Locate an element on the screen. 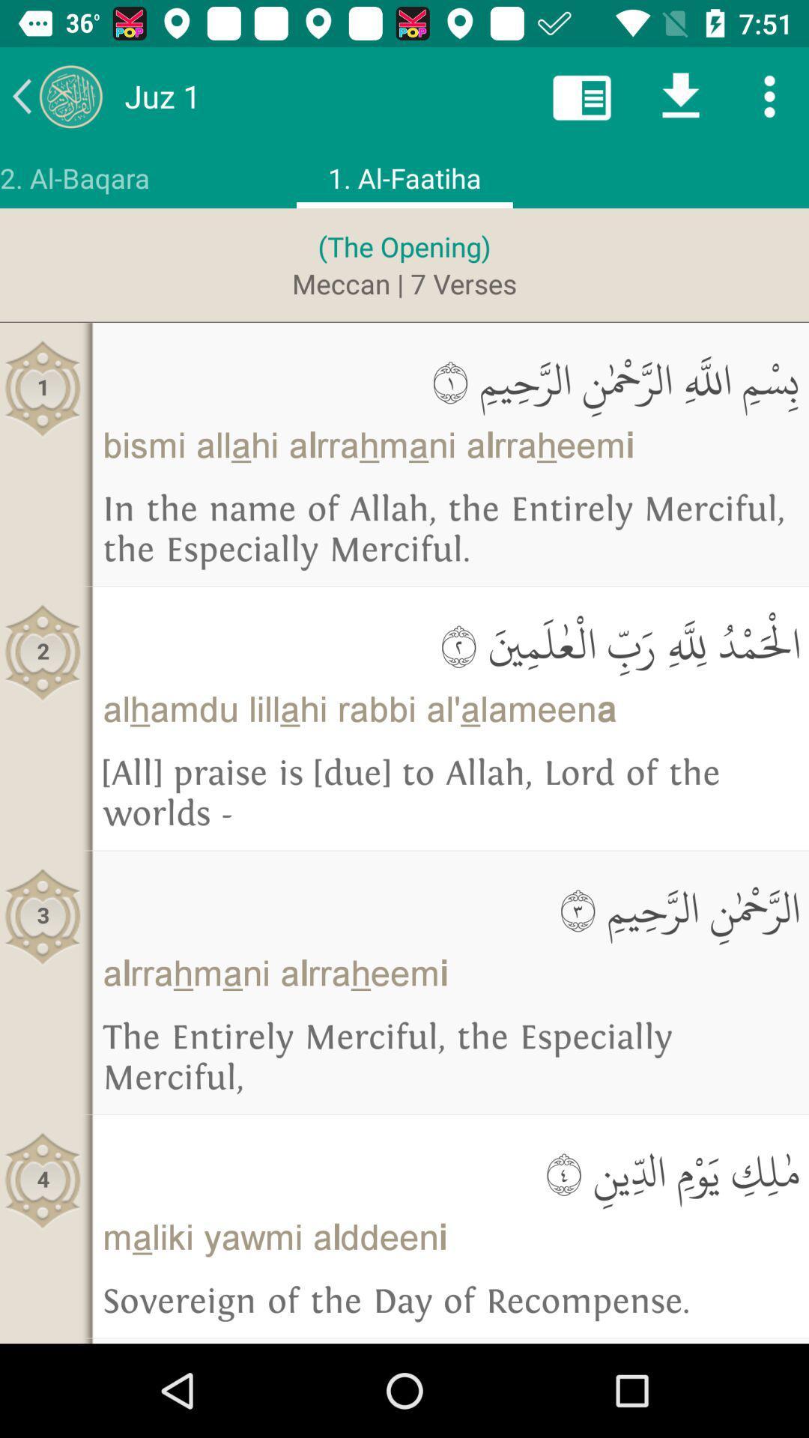 The width and height of the screenshot is (809, 1438). the all praise is item is located at coordinates (449, 793).